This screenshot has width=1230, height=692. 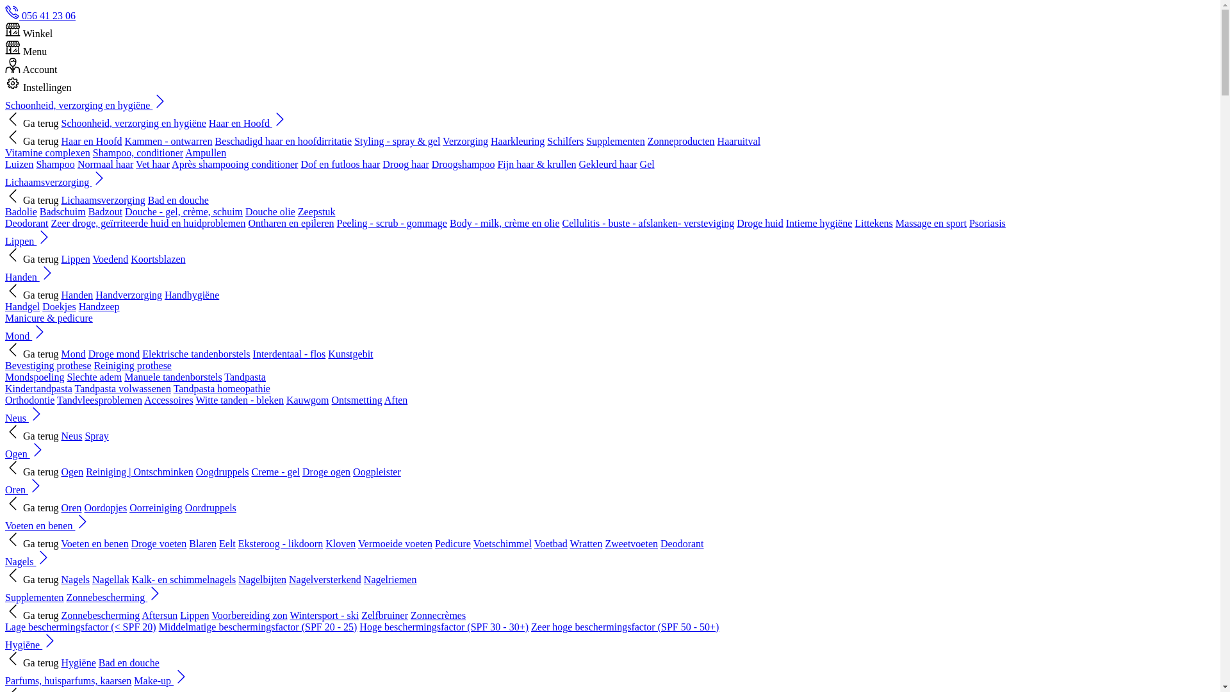 What do you see at coordinates (443, 141) in the screenshot?
I see `'Verzorging'` at bounding box center [443, 141].